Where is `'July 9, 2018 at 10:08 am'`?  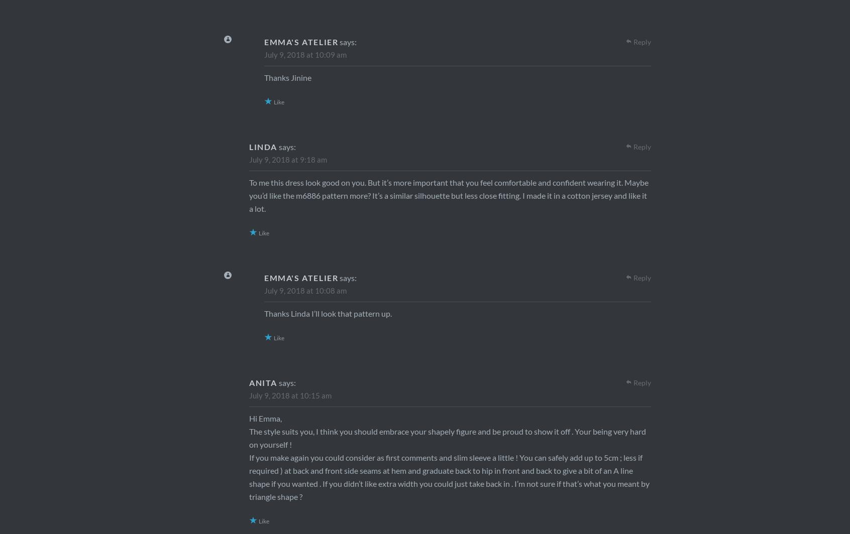
'July 9, 2018 at 10:08 am' is located at coordinates (304, 290).